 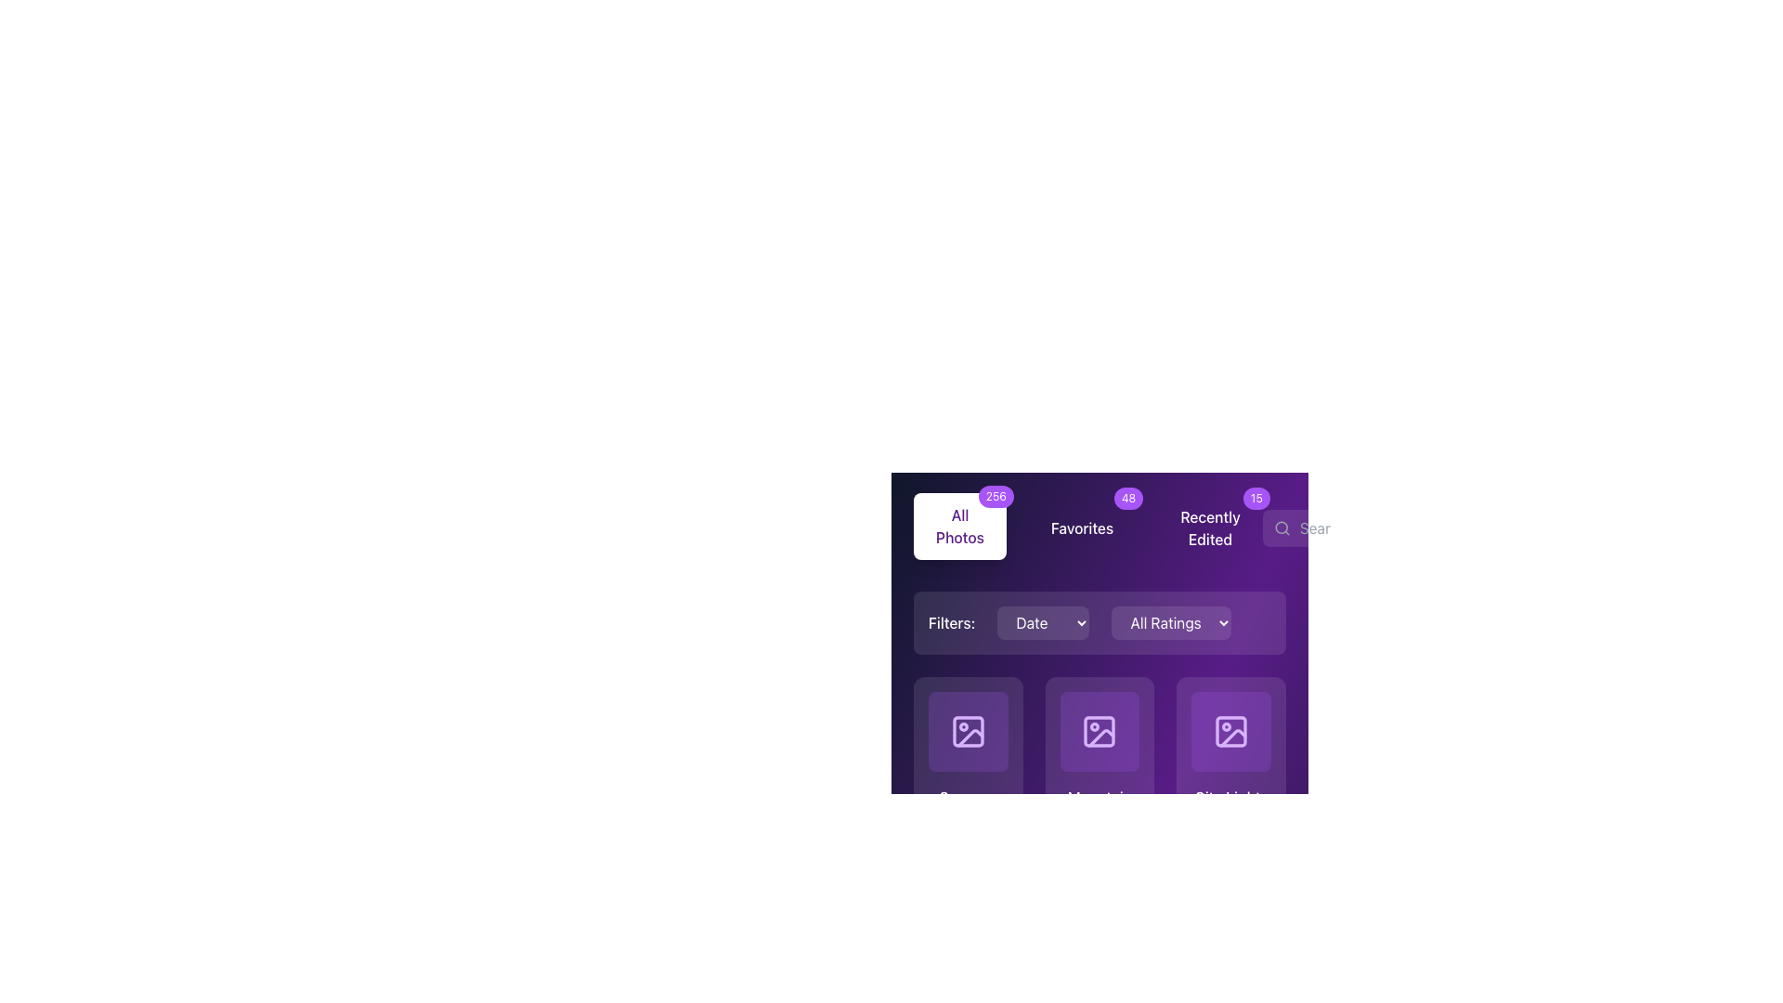 I want to click on the navigational button located in the top-left section of the interface that redirects to the page displaying all photos, indicated by the '256' badge, so click(x=959, y=527).